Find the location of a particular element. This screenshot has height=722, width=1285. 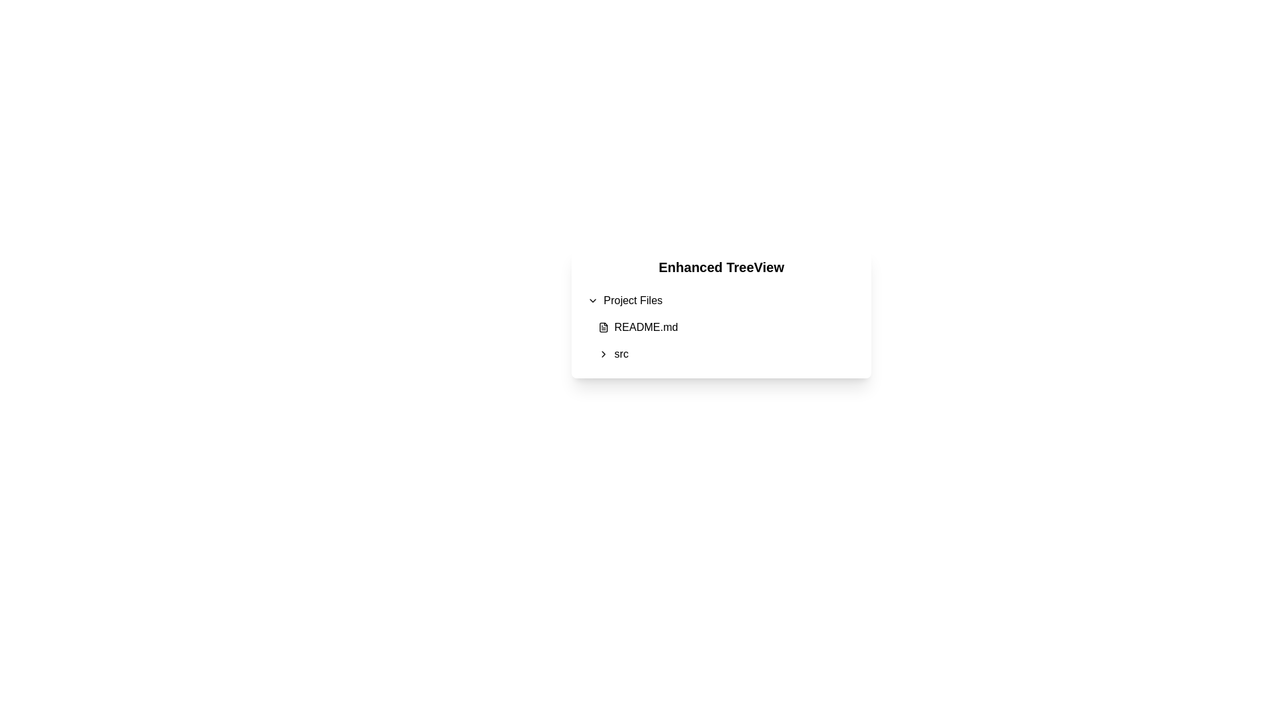

the TreeViewItem representing a folder or directory under the 'Project Files' section, located below the 'README.md' item is located at coordinates (725, 353).